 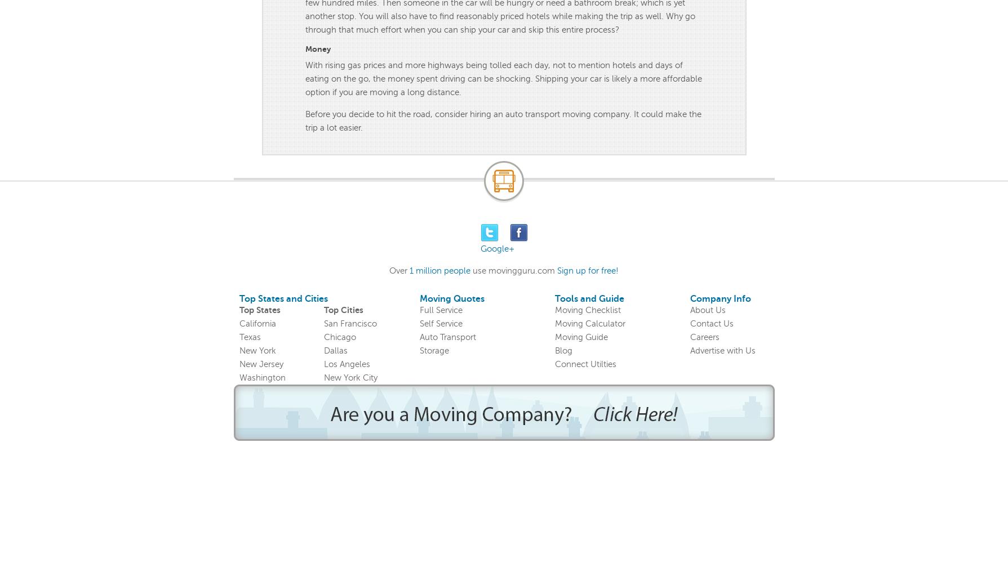 I want to click on 'Washington', so click(x=261, y=378).